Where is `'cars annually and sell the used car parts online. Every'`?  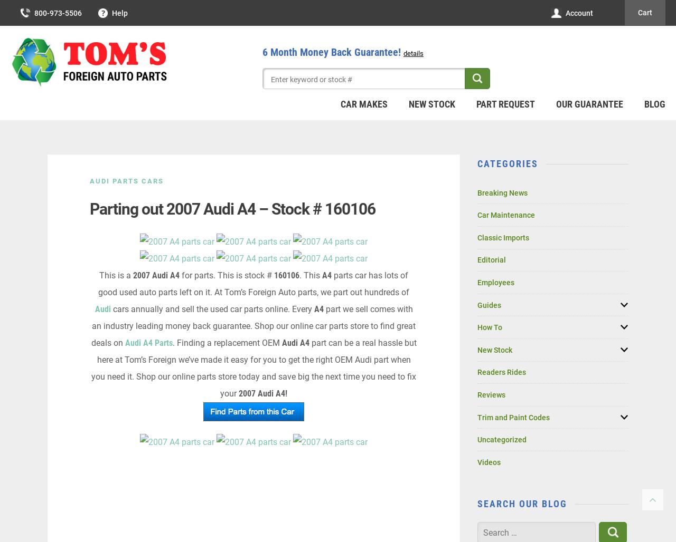 'cars annually and sell the used car parts online. Every' is located at coordinates (211, 308).